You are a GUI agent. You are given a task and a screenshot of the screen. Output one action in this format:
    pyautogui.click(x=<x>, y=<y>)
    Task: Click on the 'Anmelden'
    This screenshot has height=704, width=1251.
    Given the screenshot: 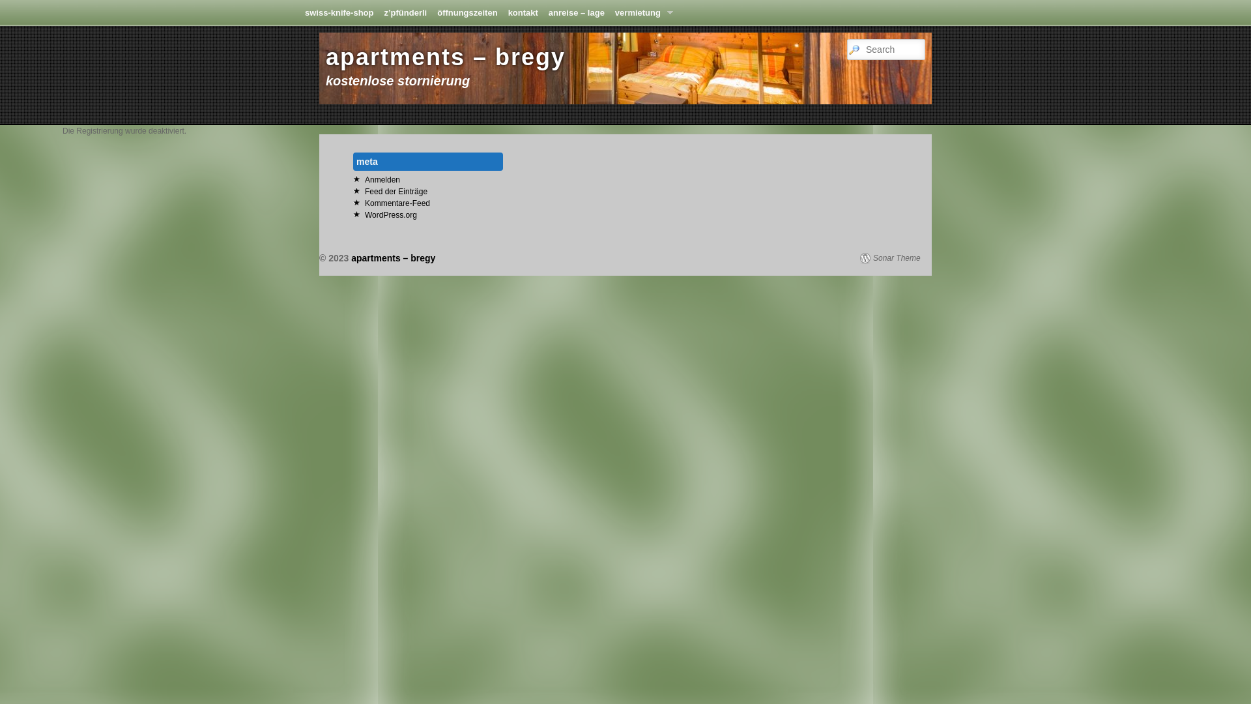 What is the action you would take?
    pyautogui.click(x=365, y=180)
    